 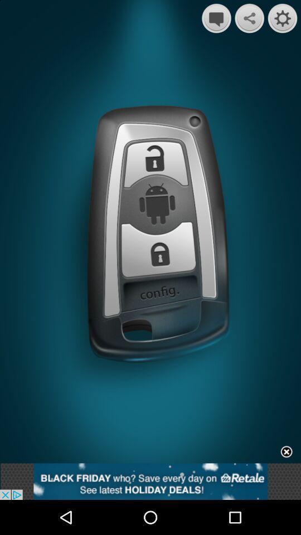 I want to click on the settings icon, so click(x=283, y=19).